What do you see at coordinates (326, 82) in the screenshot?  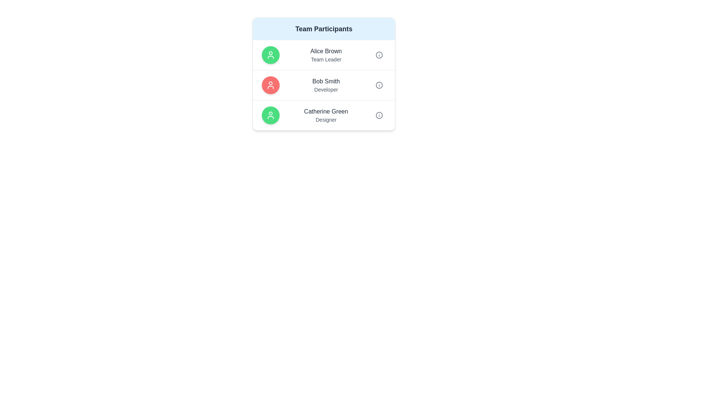 I see `the text label displaying 'Bob Smith', which is styled as medium-sized, bold, and dark gray, located above the text 'Developer' in a vertical list of individuals` at bounding box center [326, 82].